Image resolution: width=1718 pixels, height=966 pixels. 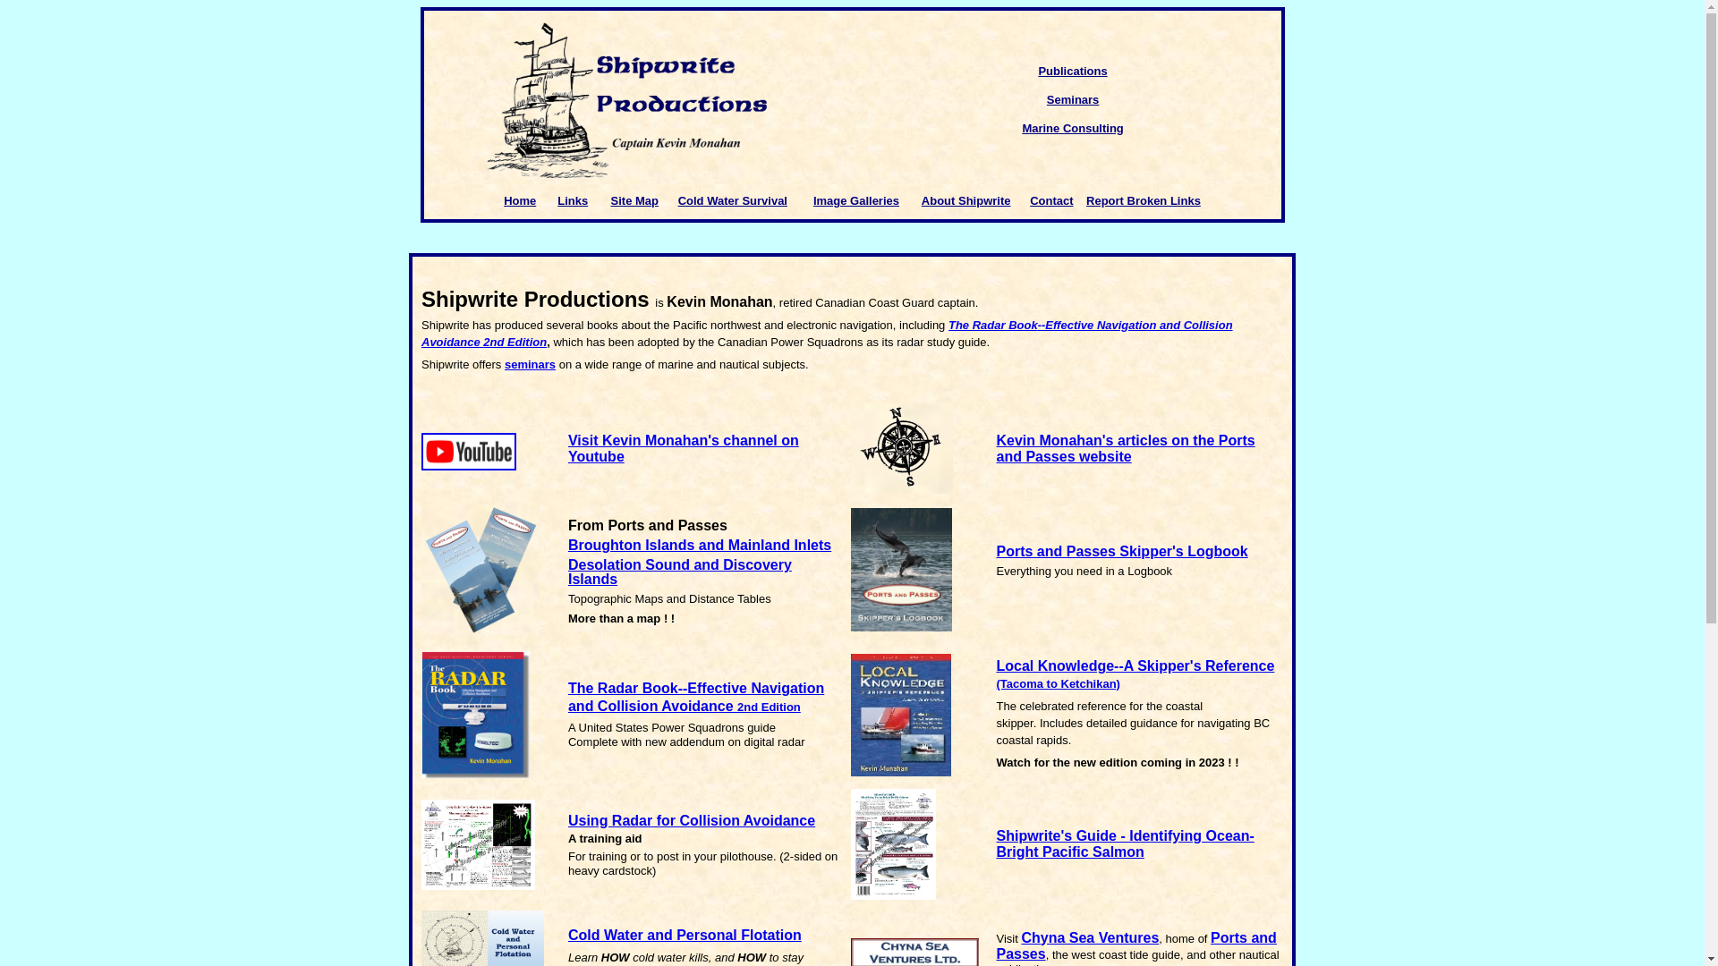 I want to click on 'Chyna Sea Ventures', so click(x=1021, y=936).